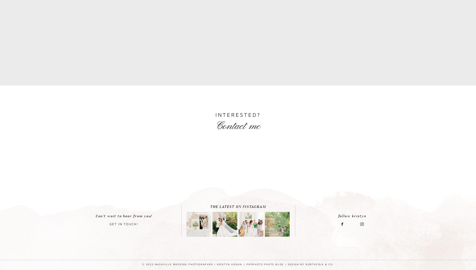  What do you see at coordinates (246, 264) in the screenshot?
I see `'ProPhoto Photo Blog'` at bounding box center [246, 264].